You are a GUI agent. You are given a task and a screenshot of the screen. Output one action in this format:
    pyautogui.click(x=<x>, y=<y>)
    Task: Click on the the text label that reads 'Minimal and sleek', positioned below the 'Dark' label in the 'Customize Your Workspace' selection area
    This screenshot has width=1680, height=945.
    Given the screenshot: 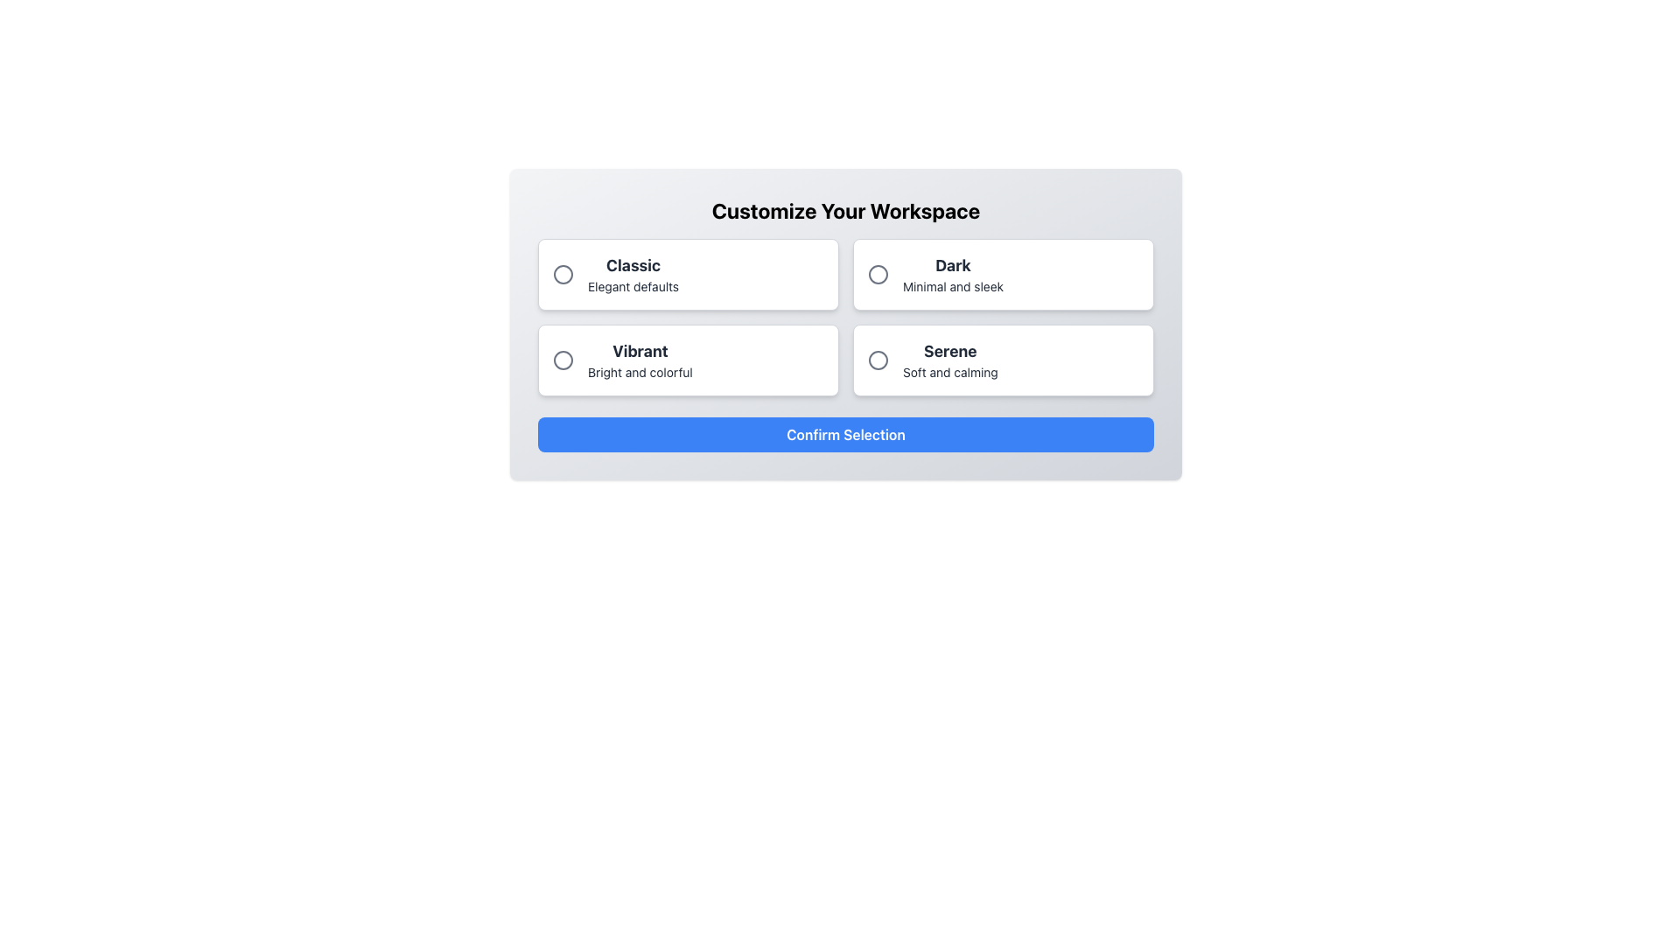 What is the action you would take?
    pyautogui.click(x=952, y=285)
    